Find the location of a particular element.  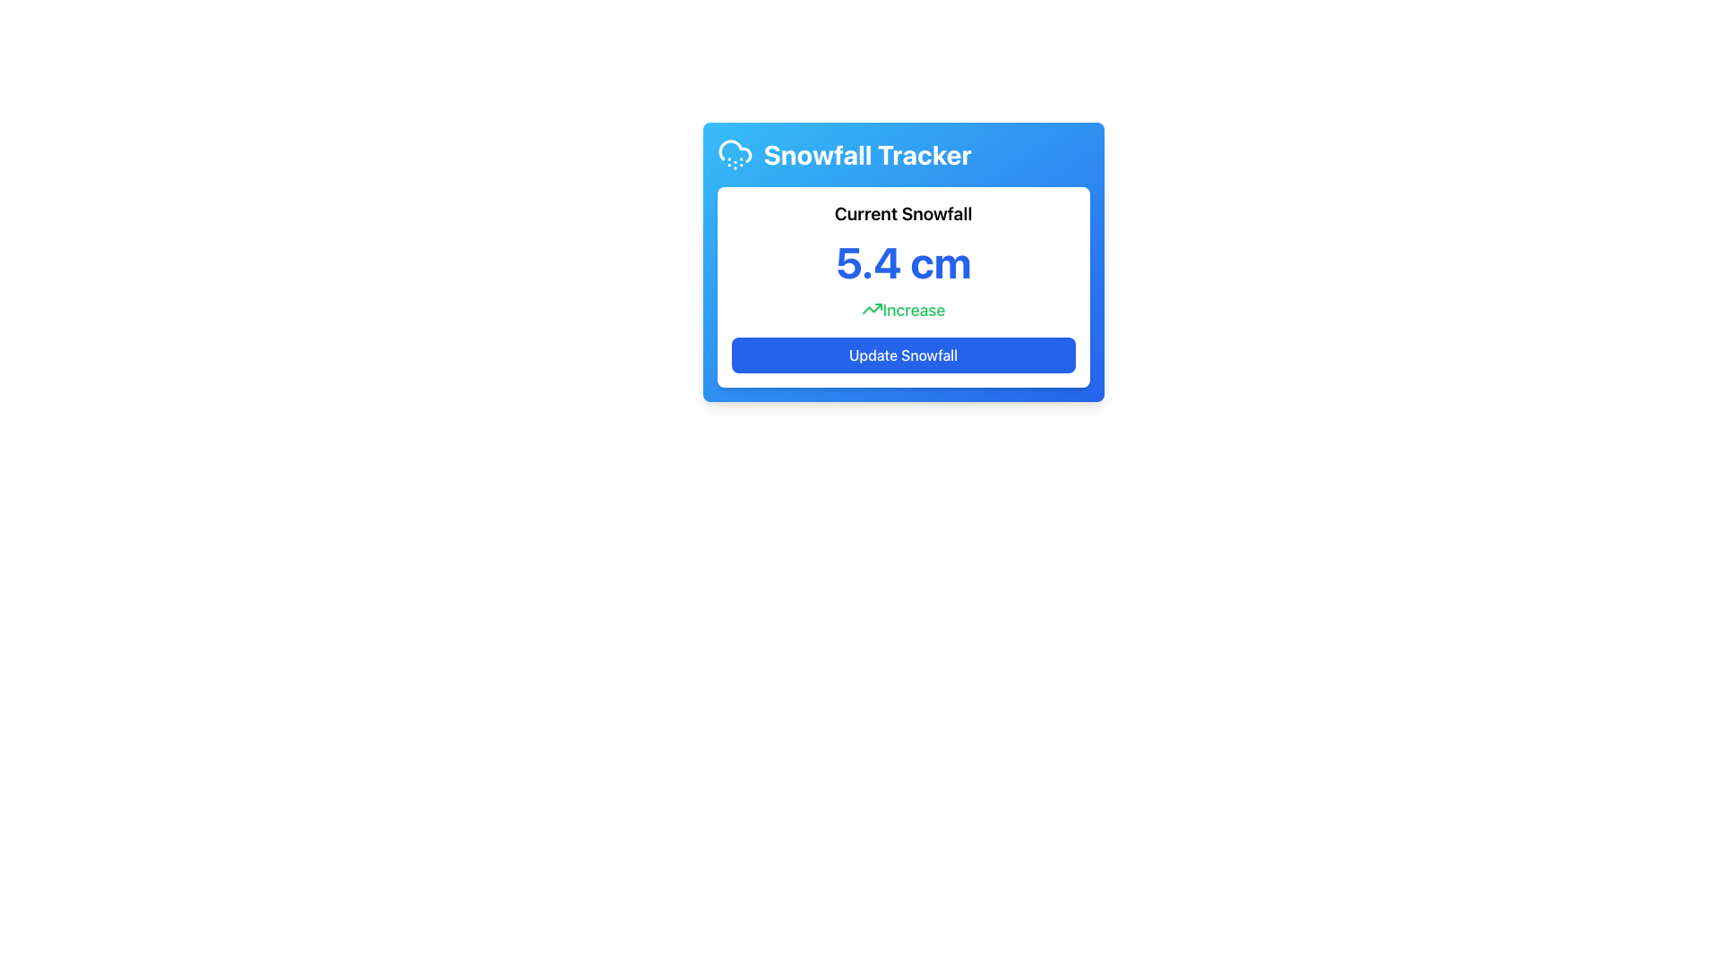

the Information Display Panel that shows snowfall data, located in the center of the 'Snowfall Tracker' component, below the title and above the 'Update Snowfall' button is located at coordinates (903, 286).